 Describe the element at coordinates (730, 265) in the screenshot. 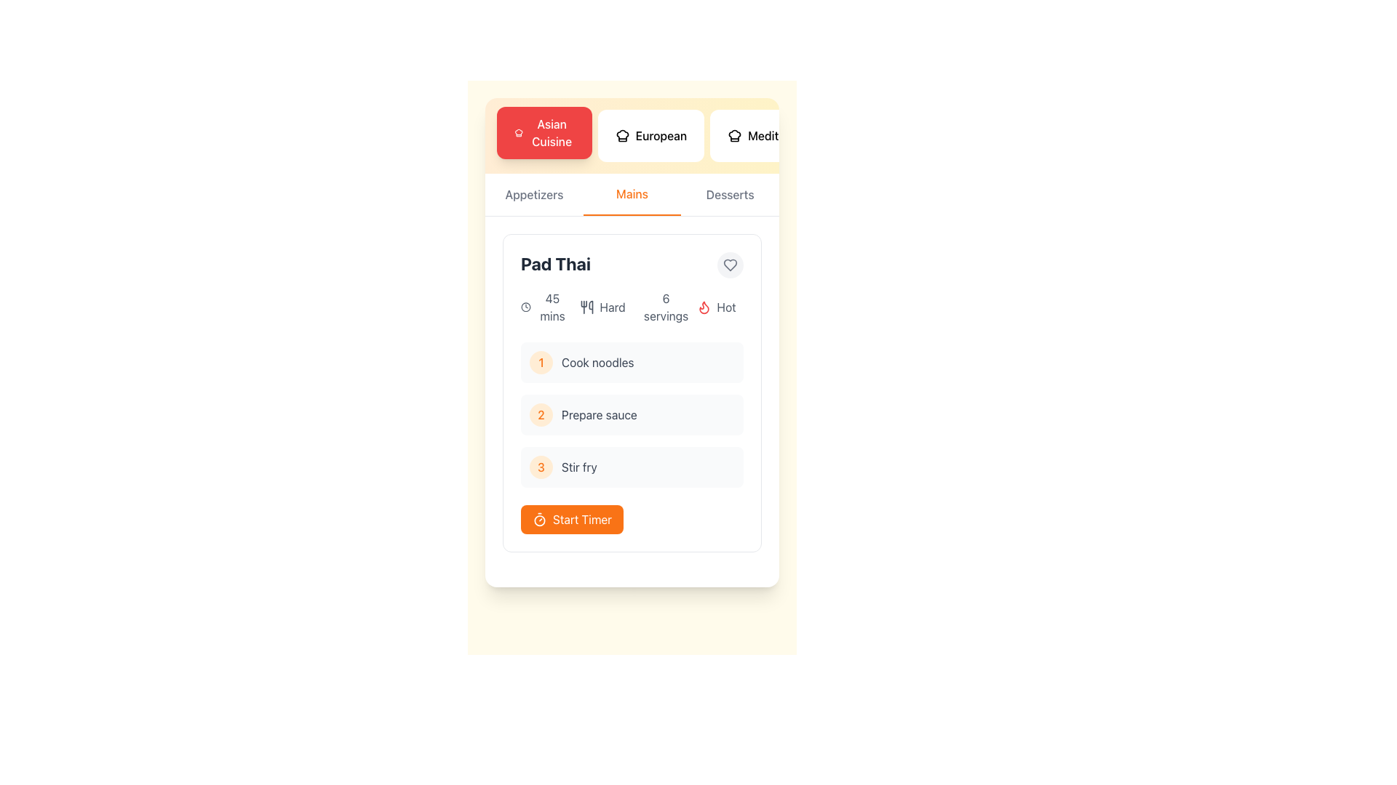

I see `the icon button located at the upper-right corner of the 'Pad Thai' card section to favorite or unfavorite the 'Pad Thai' recipe` at that location.